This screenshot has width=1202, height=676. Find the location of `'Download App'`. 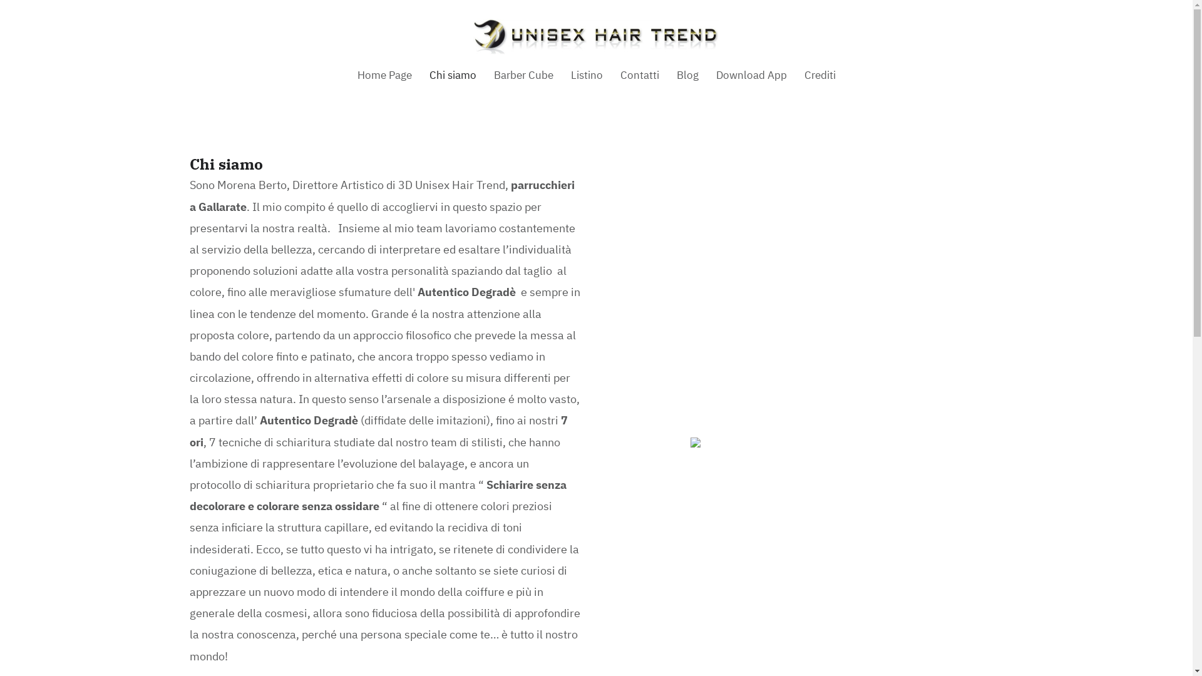

'Download App' is located at coordinates (751, 75).